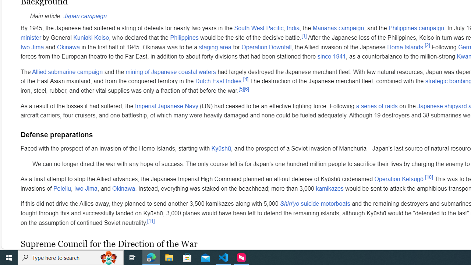  Describe the element at coordinates (427, 45) in the screenshot. I see `'[2]'` at that location.